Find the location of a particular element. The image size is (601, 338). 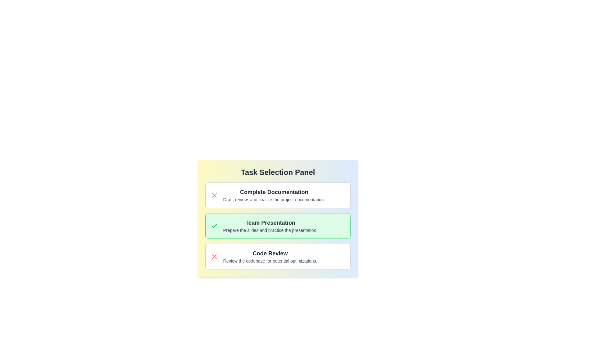

the third selectable card located is located at coordinates (278, 257).